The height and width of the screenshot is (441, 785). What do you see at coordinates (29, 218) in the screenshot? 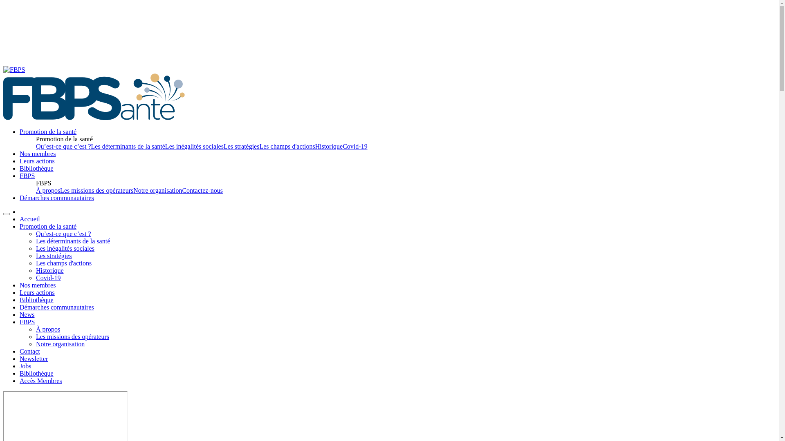
I see `'Accueil'` at bounding box center [29, 218].